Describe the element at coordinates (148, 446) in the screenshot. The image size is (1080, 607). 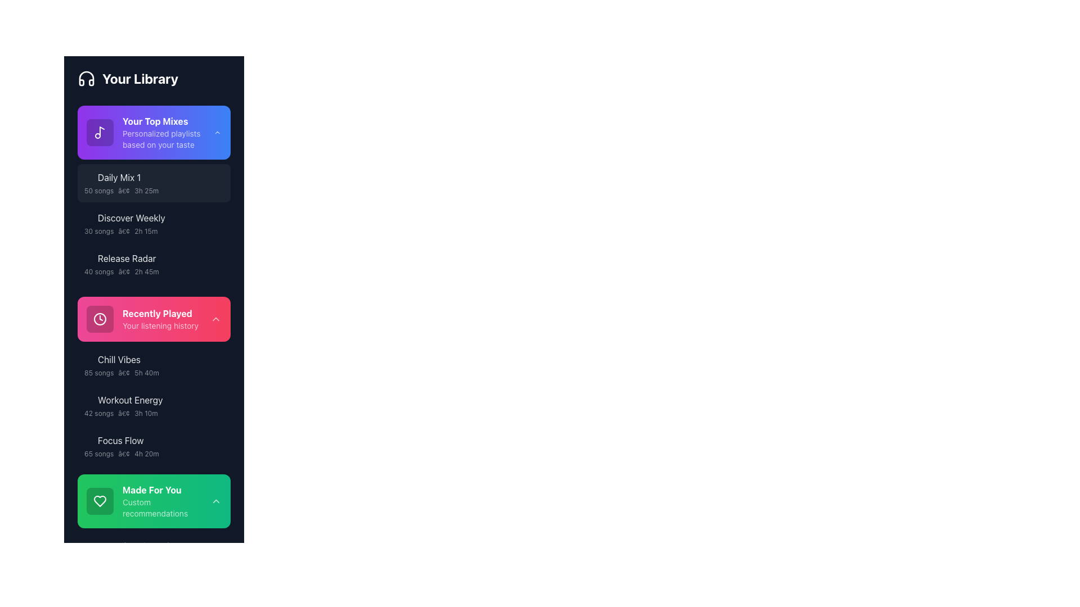
I see `the playlist item titled 'Focus Flow' to view its details such as the number of songs and total duration` at that location.